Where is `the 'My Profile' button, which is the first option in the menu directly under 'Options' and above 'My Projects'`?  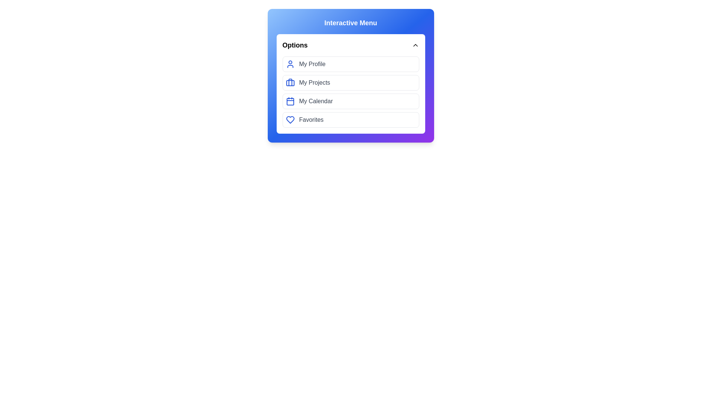 the 'My Profile' button, which is the first option in the menu directly under 'Options' and above 'My Projects' is located at coordinates (350, 64).